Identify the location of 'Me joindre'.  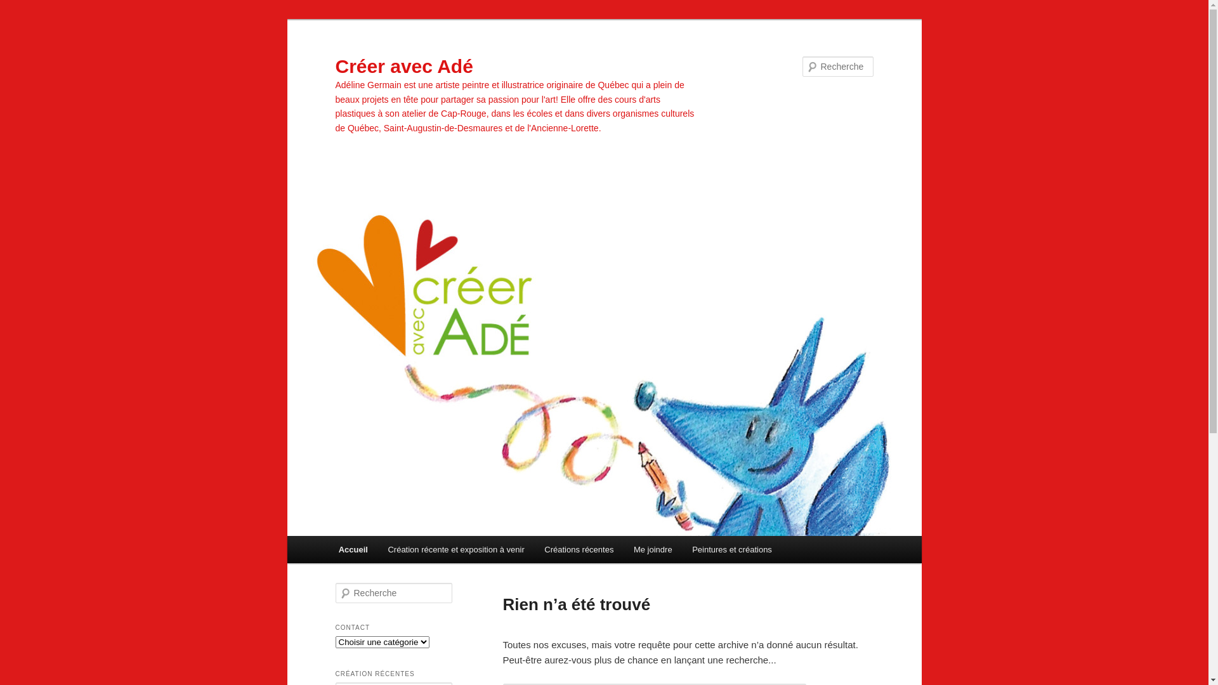
(652, 549).